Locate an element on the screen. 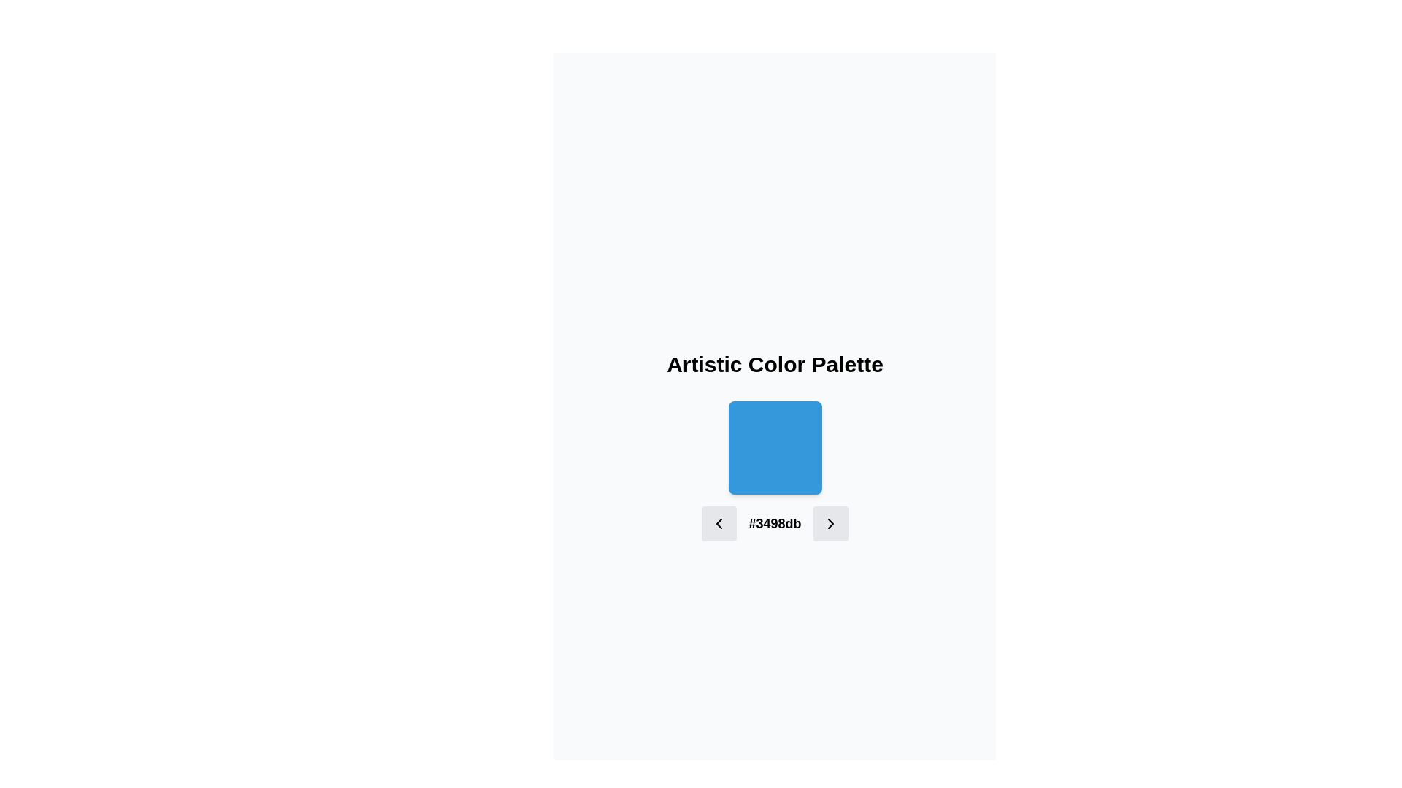  the rightward-facing chevron button located at the rightmost edge of the navigation area below the color palette display is located at coordinates (830, 522).